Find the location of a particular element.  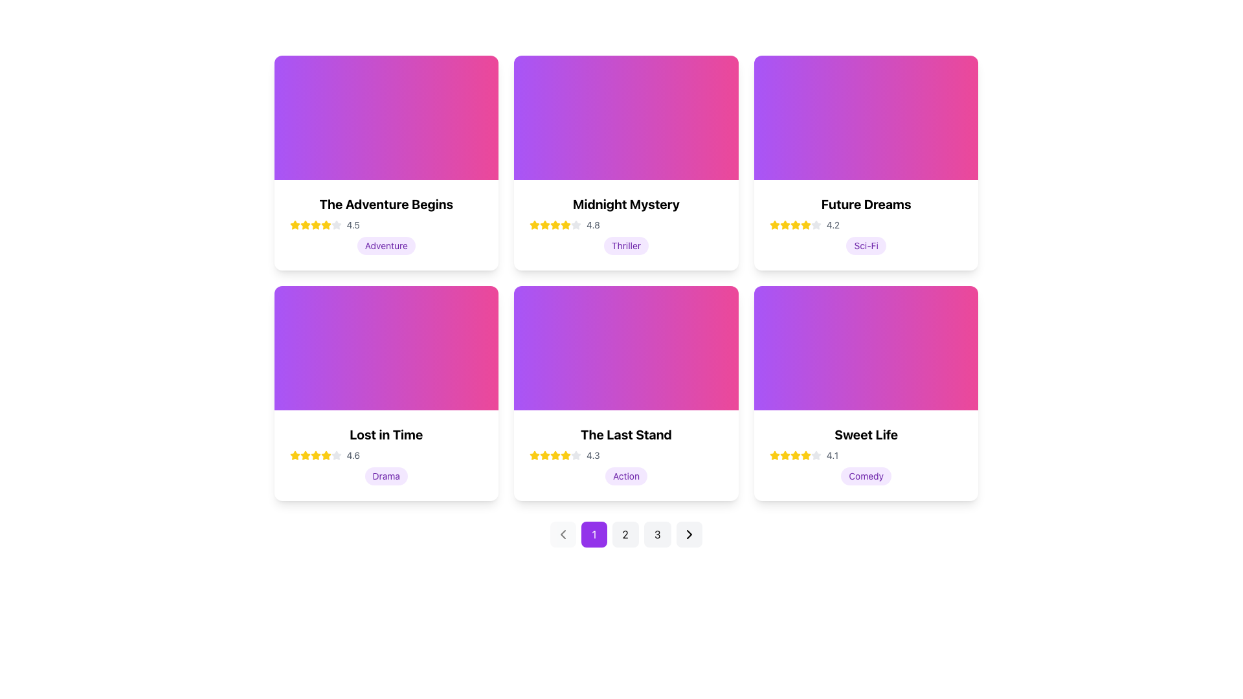

the first star rating icon, which is a bright yellow star icon indicating a rating of 4.3 for the movie 'The Last Stand' is located at coordinates (535, 455).